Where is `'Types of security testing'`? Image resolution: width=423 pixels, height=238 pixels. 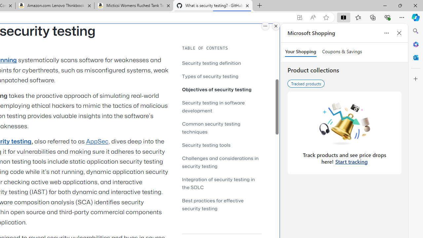
'Types of security testing' is located at coordinates (210, 76).